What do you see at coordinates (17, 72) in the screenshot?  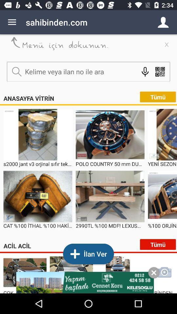 I see `the search icon` at bounding box center [17, 72].